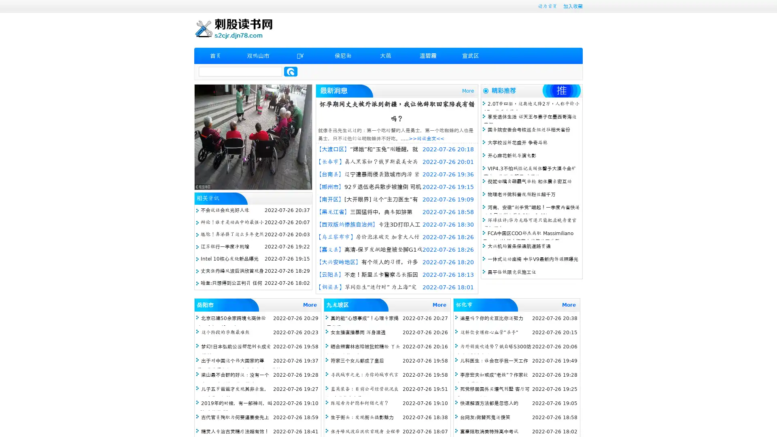 This screenshot has width=777, height=437. What do you see at coordinates (291, 71) in the screenshot?
I see `Search` at bounding box center [291, 71].